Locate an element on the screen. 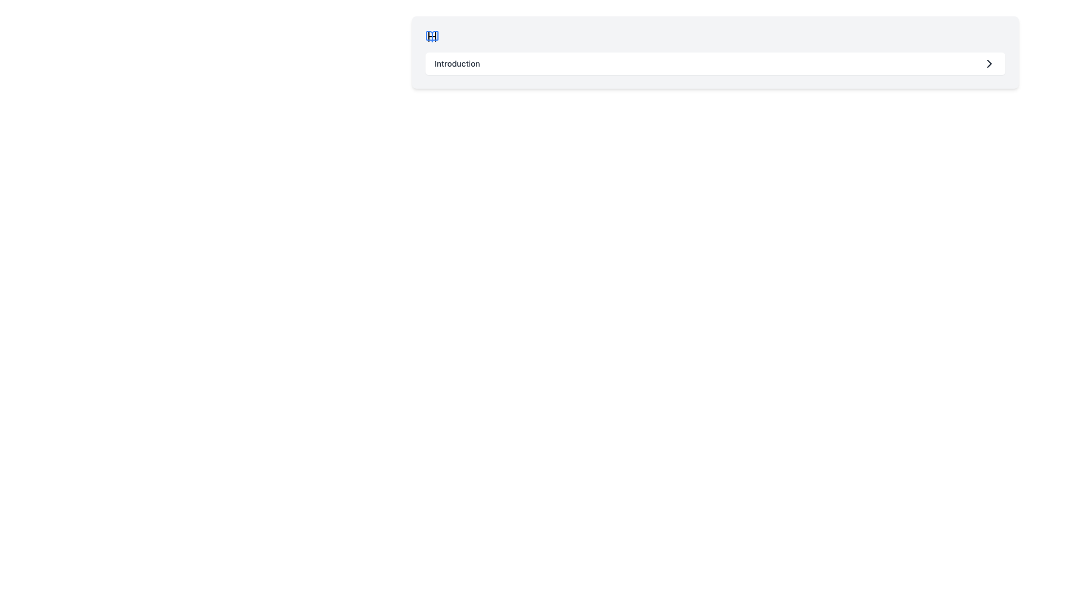 The height and width of the screenshot is (610, 1085). the rightward-pointing chevron icon located at the far-right of the 'Introduction' section is located at coordinates (989, 63).